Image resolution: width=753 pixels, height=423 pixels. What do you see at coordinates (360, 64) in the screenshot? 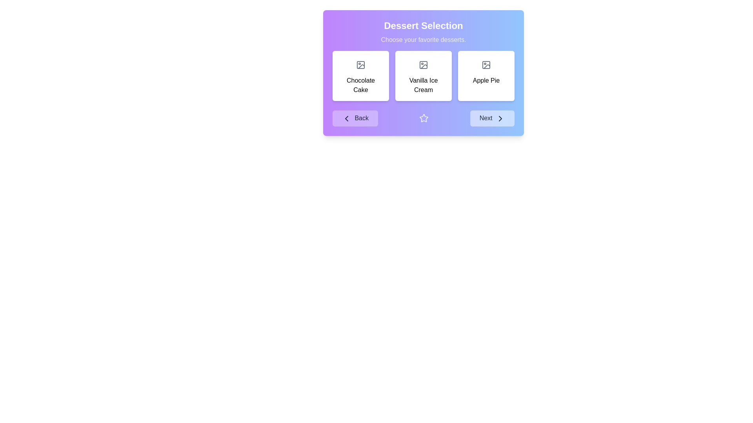
I see `the graphical icon representing the placeholder image for 'Chocolate Cake' located in the first card of the dessert selection interface` at bounding box center [360, 64].